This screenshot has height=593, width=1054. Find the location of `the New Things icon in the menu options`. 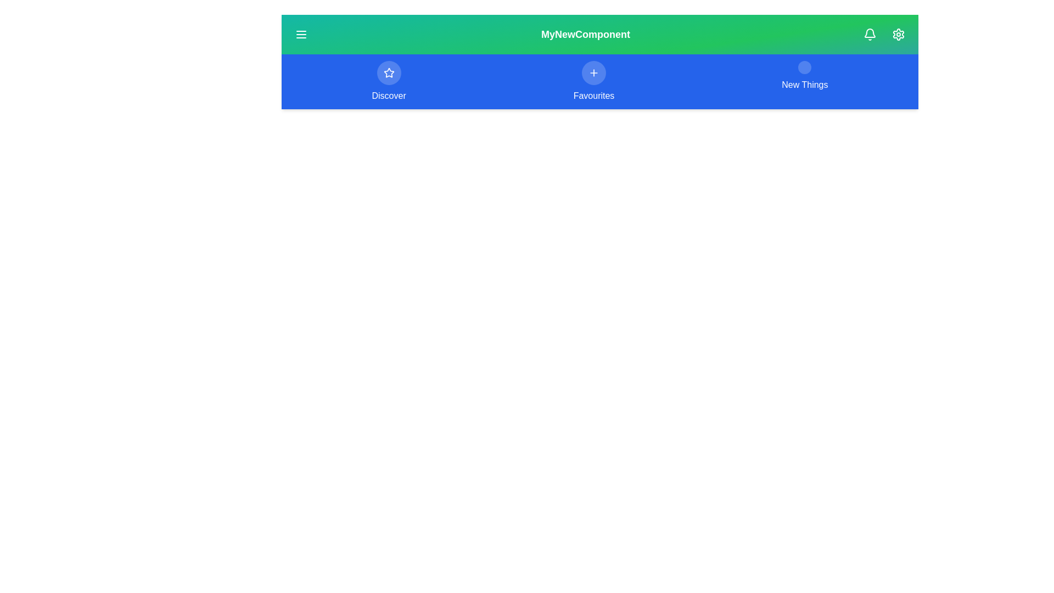

the New Things icon in the menu options is located at coordinates (804, 68).